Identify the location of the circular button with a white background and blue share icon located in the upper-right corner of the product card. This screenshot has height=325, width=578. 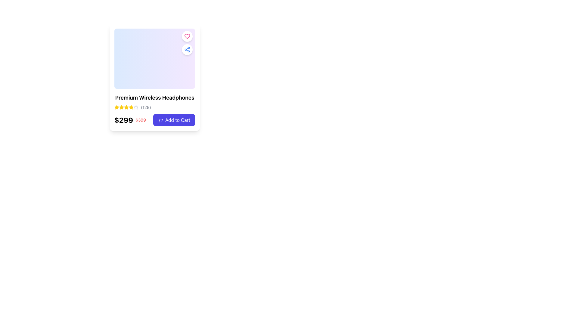
(187, 49).